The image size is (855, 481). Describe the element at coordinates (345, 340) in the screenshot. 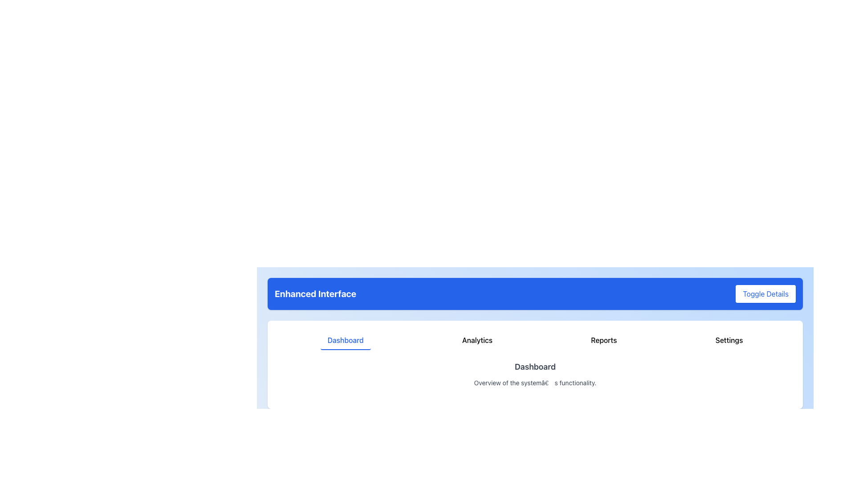

I see `the 'Dashboard' navigation button, which is a bold blue text label indicating the active selection in the navigation menu` at that location.